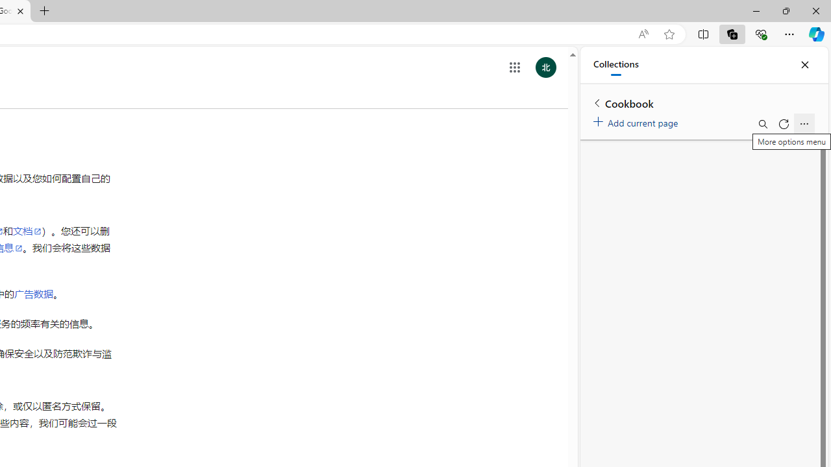  What do you see at coordinates (638, 121) in the screenshot?
I see `'Add current page'` at bounding box center [638, 121].